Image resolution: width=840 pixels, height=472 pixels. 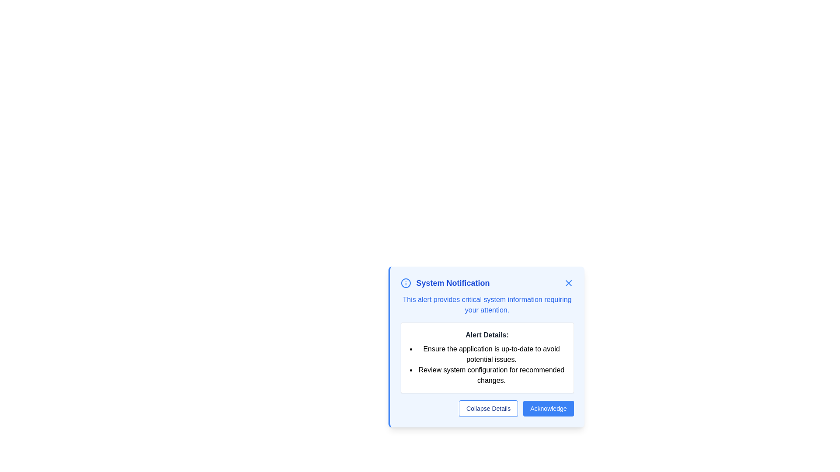 What do you see at coordinates (453, 283) in the screenshot?
I see `the 'System Notification' text label styled with a blue bold font, which is located in the upper part of the notification dialog box, centered horizontally and adjacent to an icon` at bounding box center [453, 283].